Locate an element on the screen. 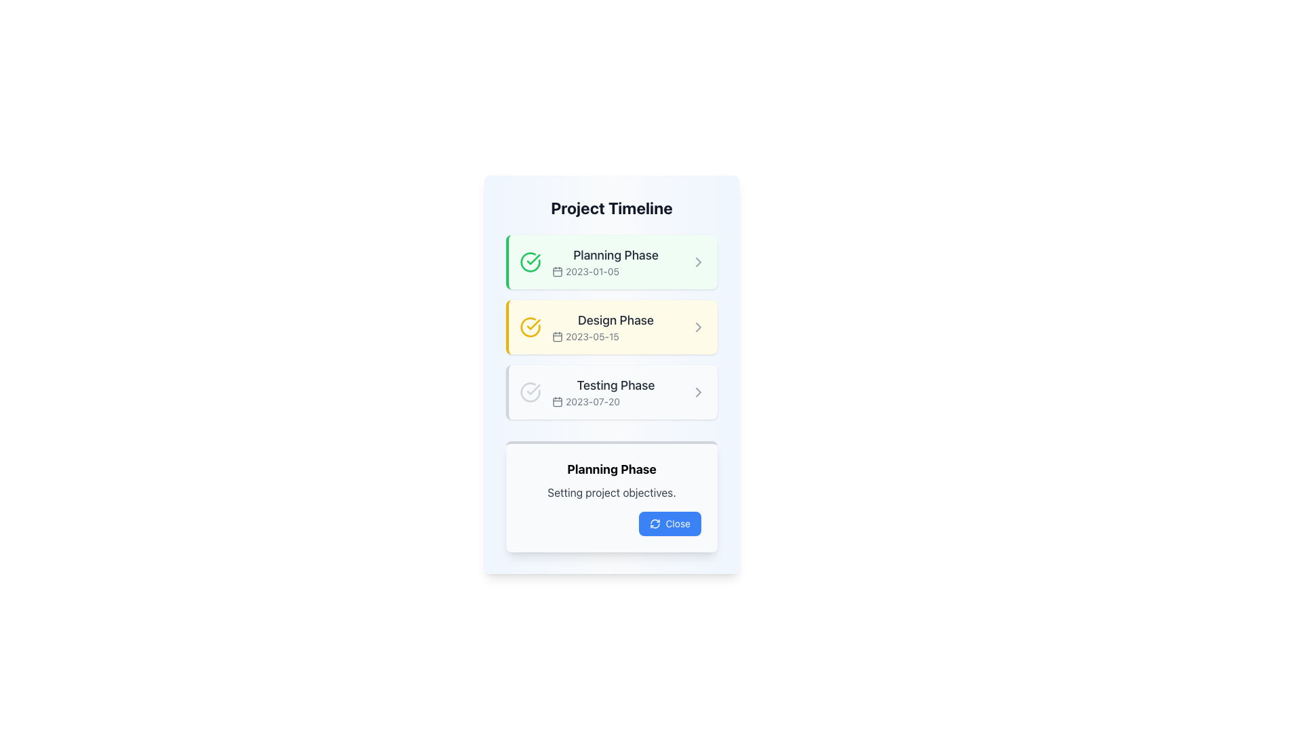 The height and width of the screenshot is (732, 1301). the Chevron Indicator located in the 'Testing Phase' card is located at coordinates (699, 392).